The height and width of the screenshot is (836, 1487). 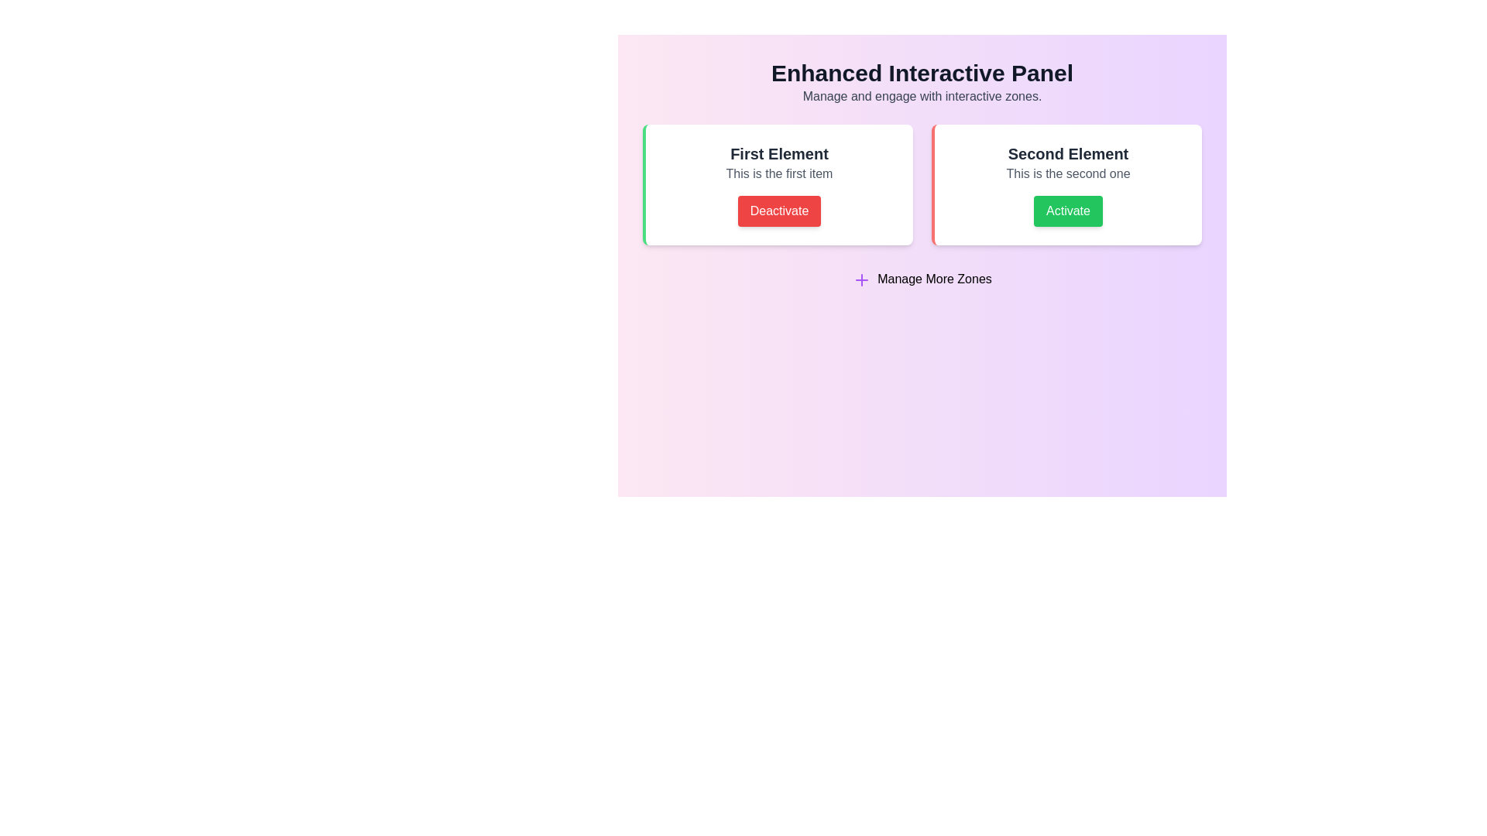 I want to click on the icon that serves as a visual indicator for adding or managing additional zones, located in the text line of 'Manage More Zones', so click(x=861, y=279).